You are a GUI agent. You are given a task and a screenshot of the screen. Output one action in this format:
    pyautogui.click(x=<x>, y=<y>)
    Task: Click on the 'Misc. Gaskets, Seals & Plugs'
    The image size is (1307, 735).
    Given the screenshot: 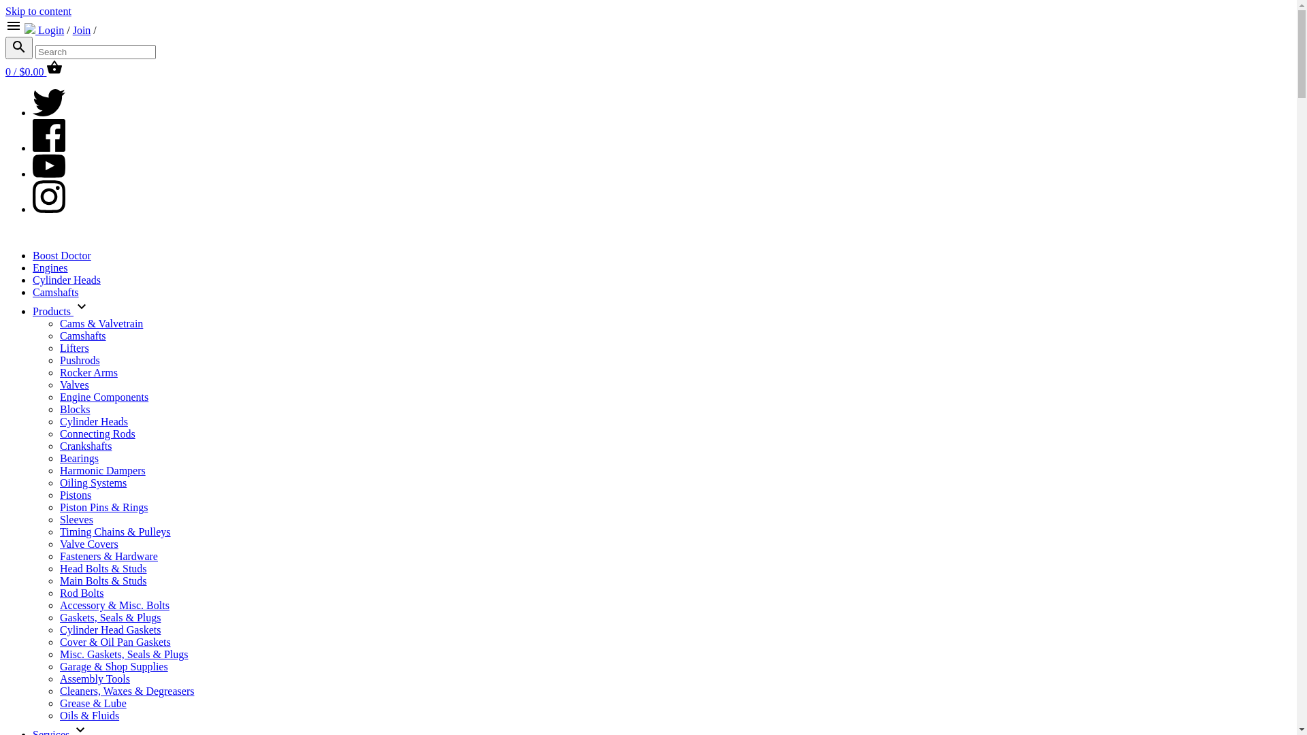 What is the action you would take?
    pyautogui.click(x=59, y=653)
    